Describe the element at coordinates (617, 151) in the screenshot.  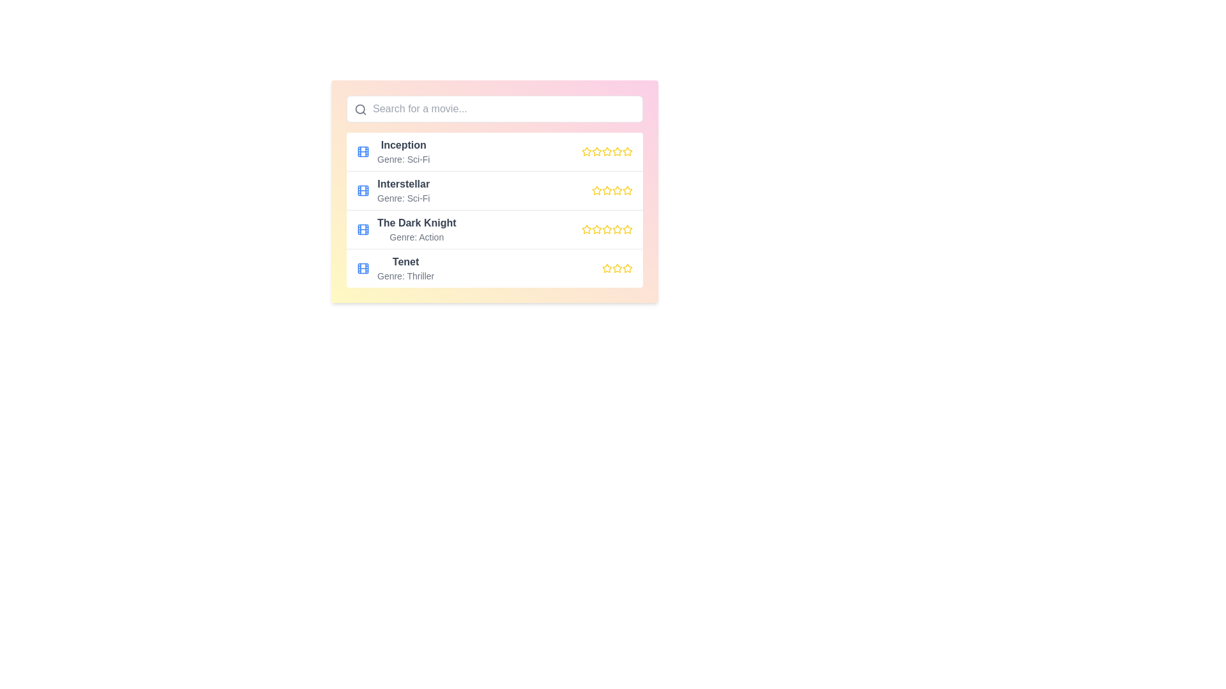
I see `the fourth star in the 5-star rating system for the movie 'Inception'` at that location.